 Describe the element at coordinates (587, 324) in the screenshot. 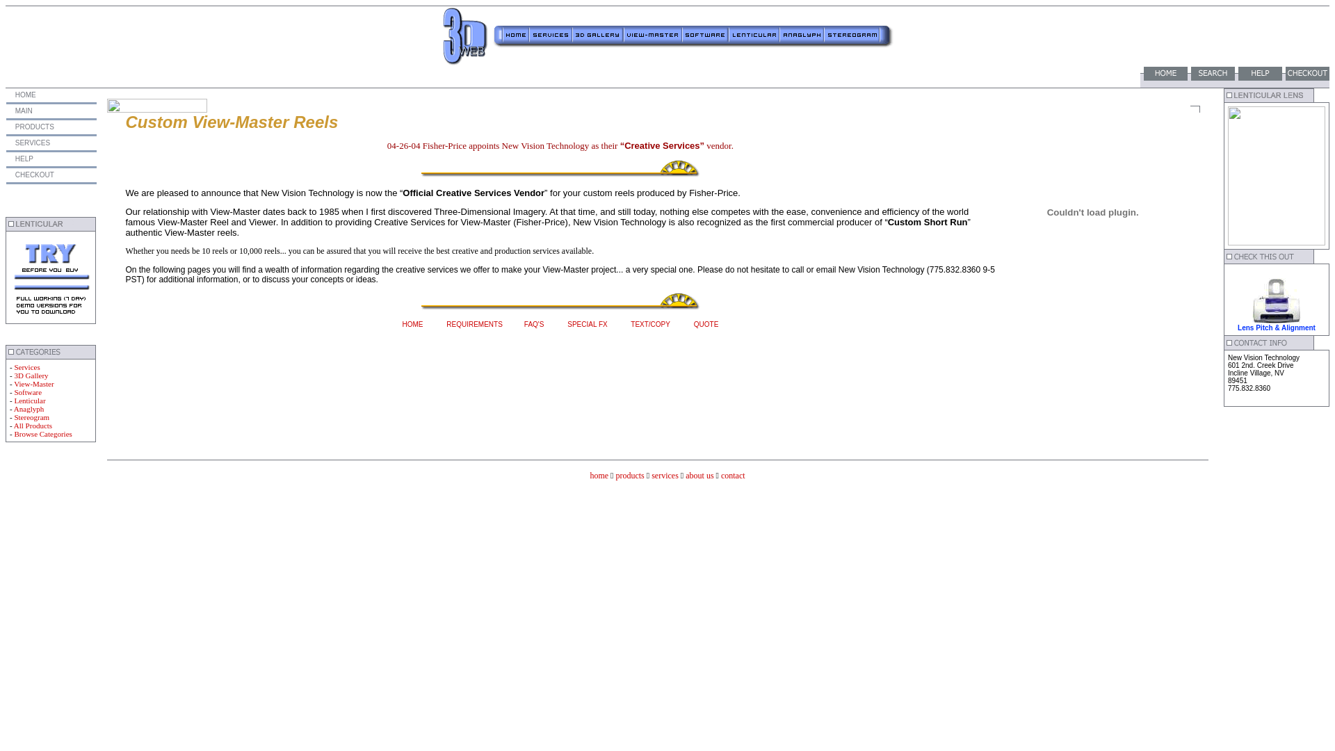

I see `'SPECIAL FX'` at that location.